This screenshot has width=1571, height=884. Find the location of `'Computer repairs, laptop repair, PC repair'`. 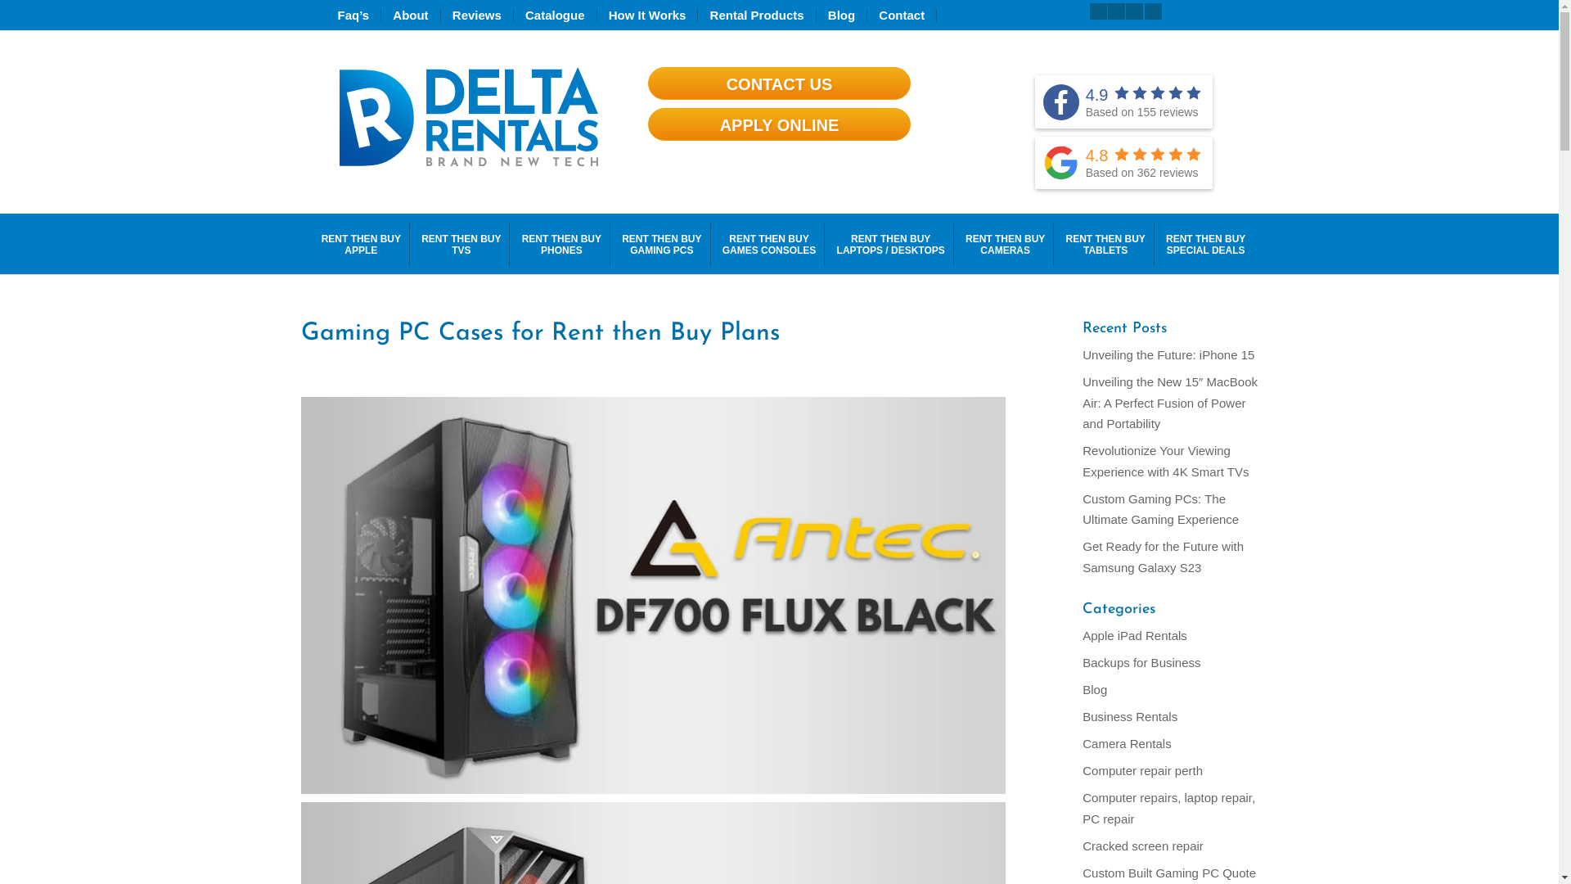

'Computer repairs, laptop repair, PC repair' is located at coordinates (1168, 807).